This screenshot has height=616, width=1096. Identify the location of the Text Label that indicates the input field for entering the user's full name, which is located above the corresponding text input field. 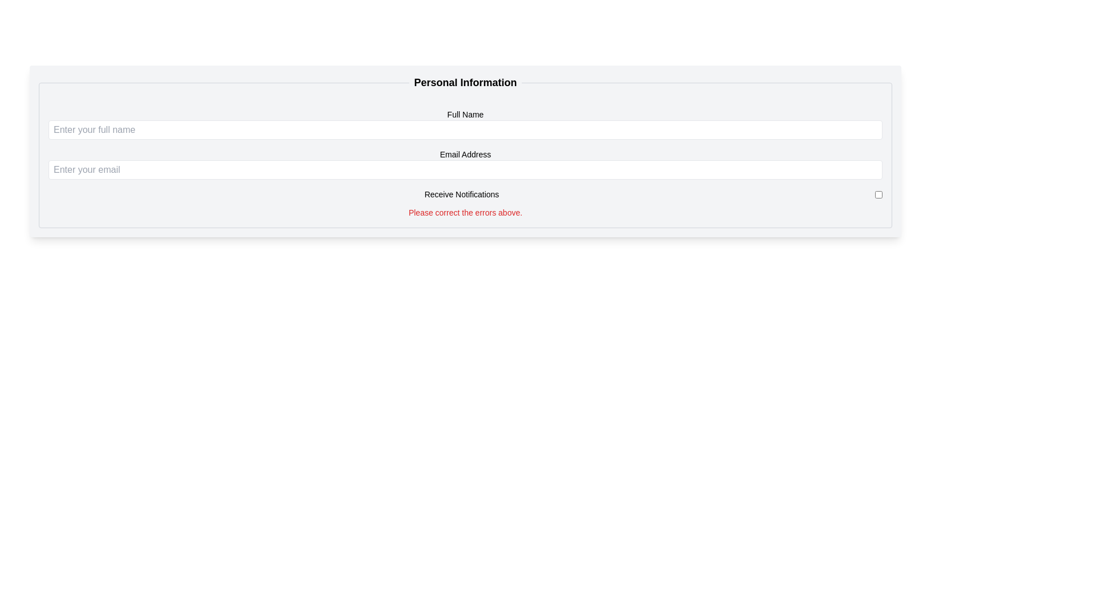
(465, 114).